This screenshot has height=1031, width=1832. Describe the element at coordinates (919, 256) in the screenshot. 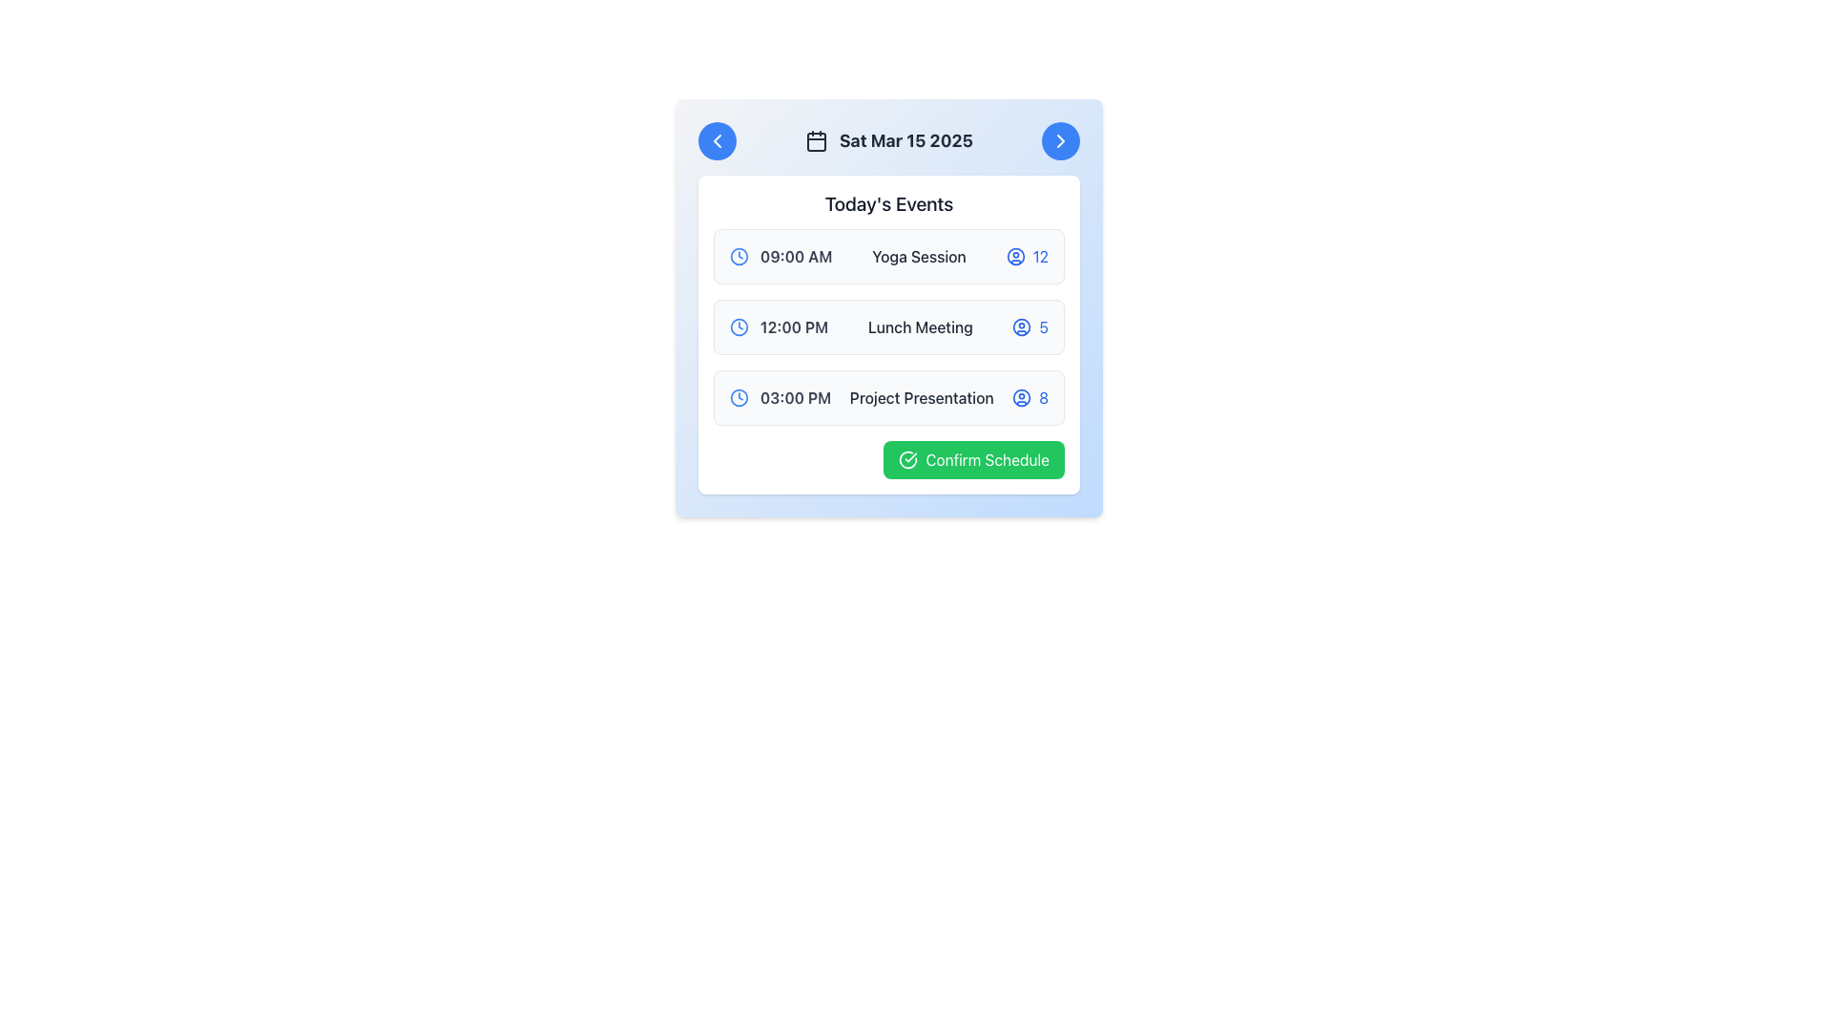

I see `the text element displaying 'Yoga Session' in gray font, located in the second column of the first row in the event card for 9:00 AM` at that location.